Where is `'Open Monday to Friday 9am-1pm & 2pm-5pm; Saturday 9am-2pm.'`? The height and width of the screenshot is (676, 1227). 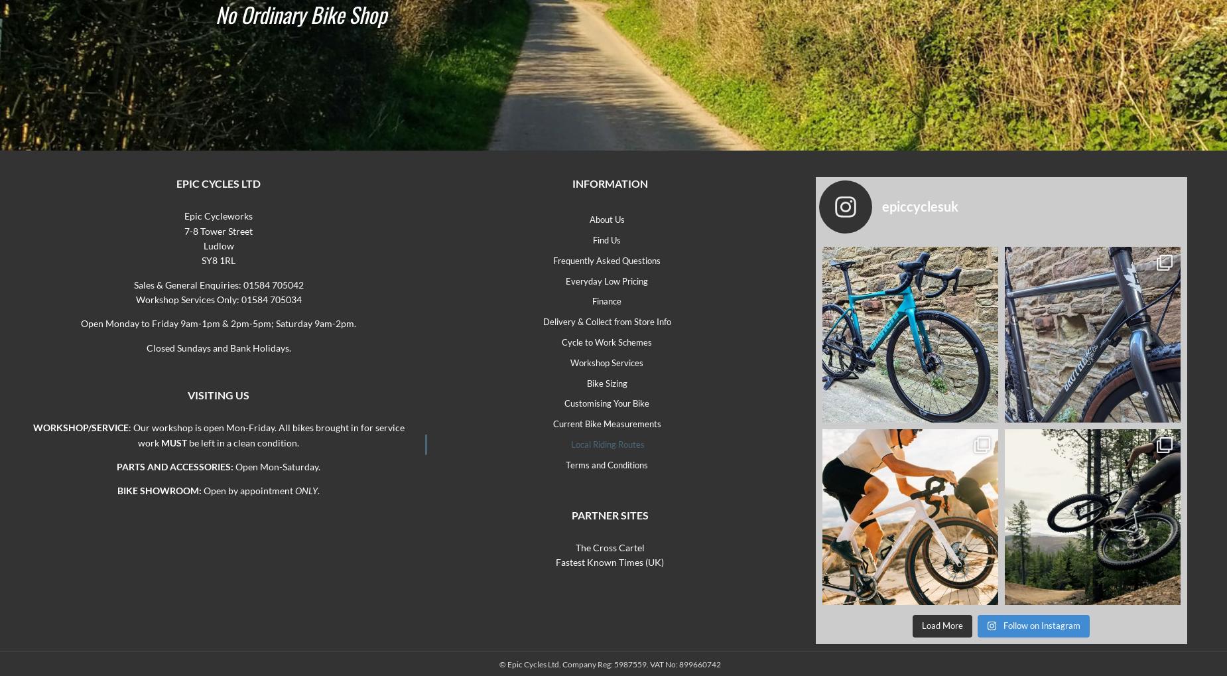 'Open Monday to Friday 9am-1pm & 2pm-5pm; Saturday 9am-2pm.' is located at coordinates (218, 322).